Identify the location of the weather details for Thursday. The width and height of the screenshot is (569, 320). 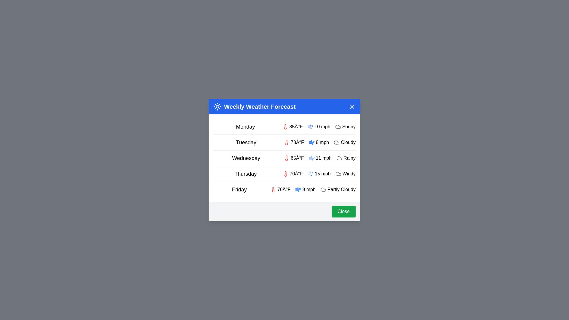
(284, 173).